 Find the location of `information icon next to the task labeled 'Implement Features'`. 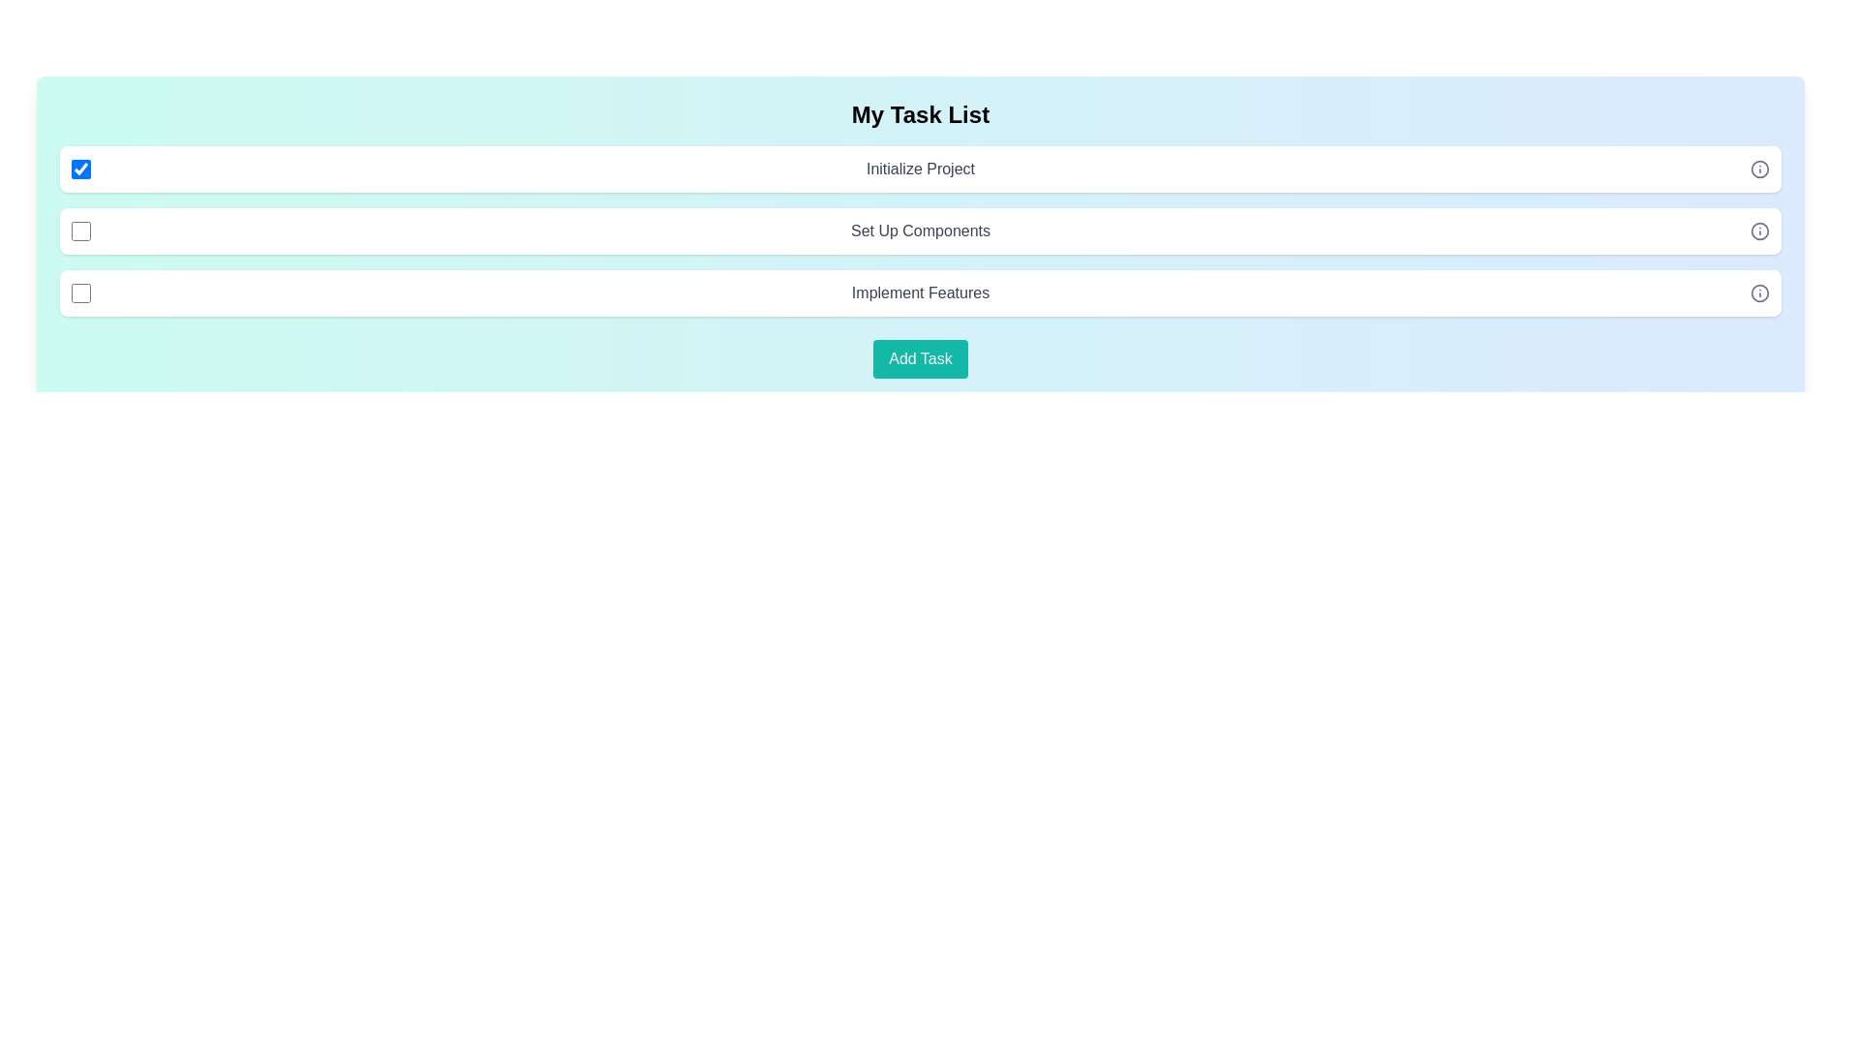

information icon next to the task labeled 'Implement Features' is located at coordinates (1760, 293).